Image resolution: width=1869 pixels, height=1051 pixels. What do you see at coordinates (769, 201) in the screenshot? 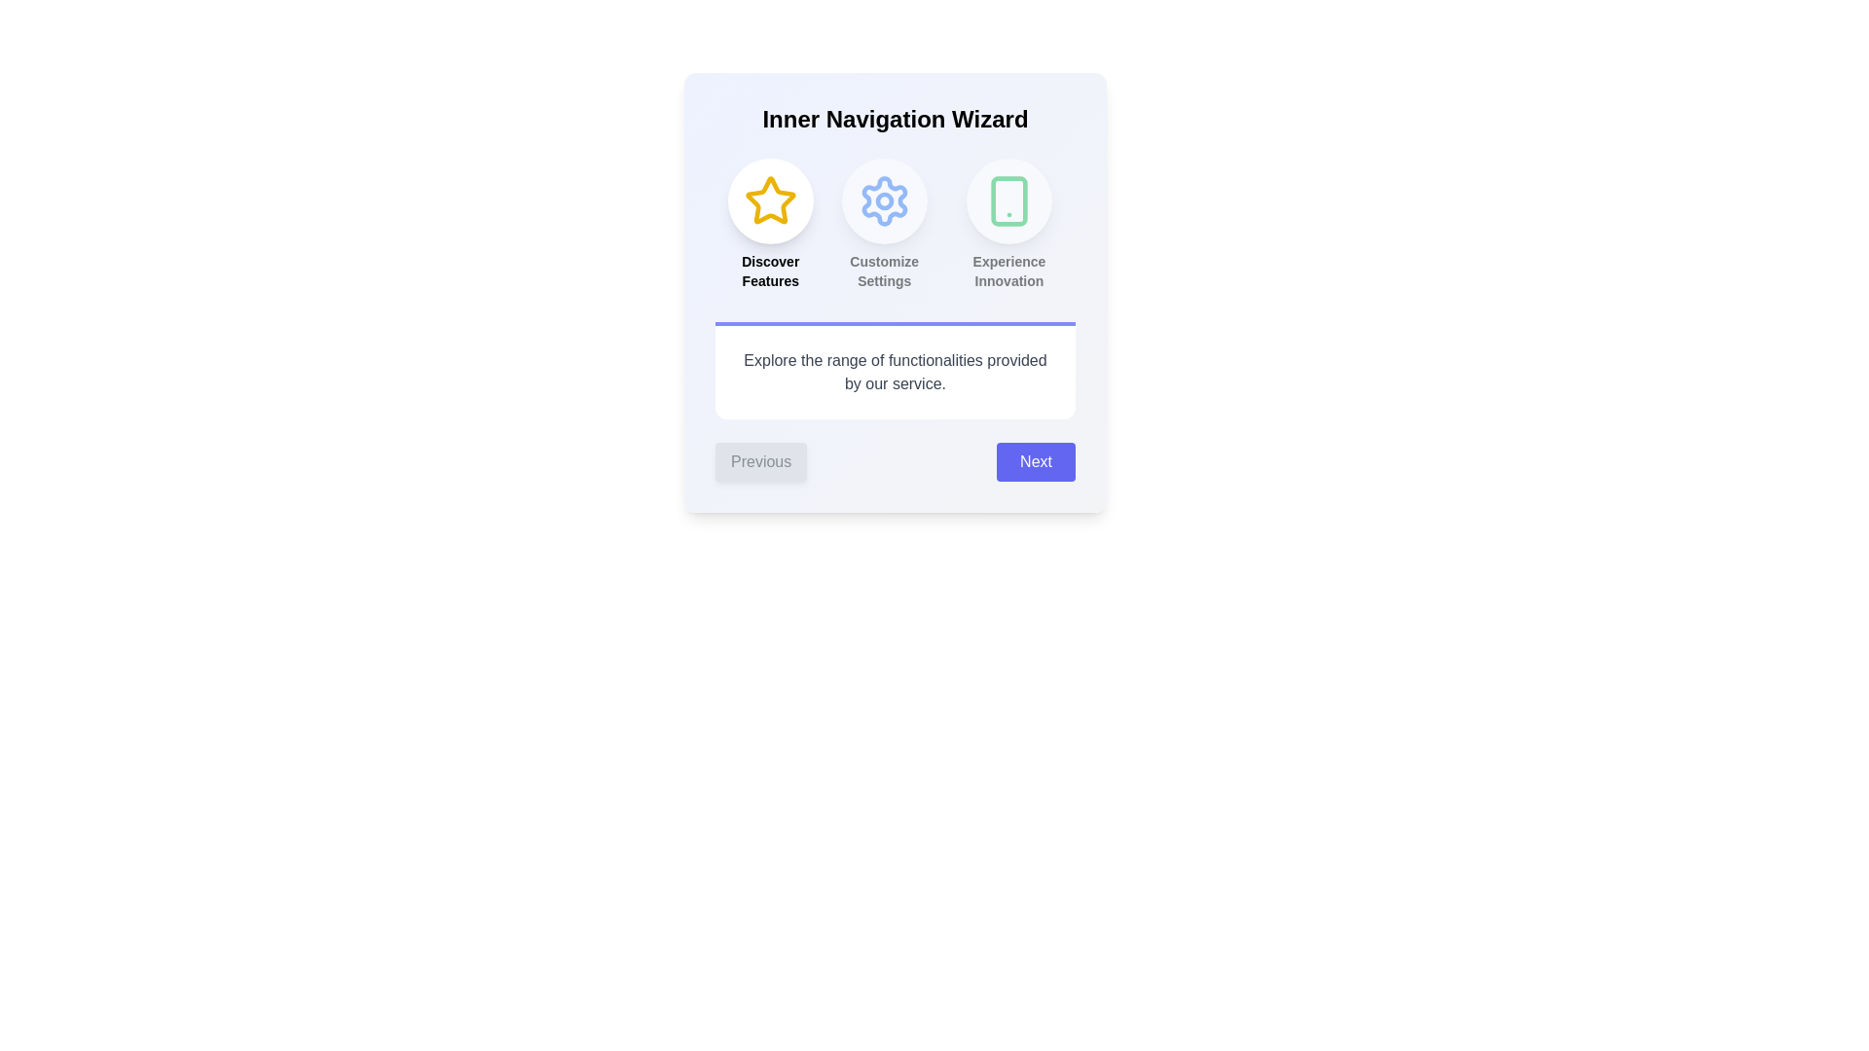
I see `the icon corresponding to Discover Features` at bounding box center [769, 201].